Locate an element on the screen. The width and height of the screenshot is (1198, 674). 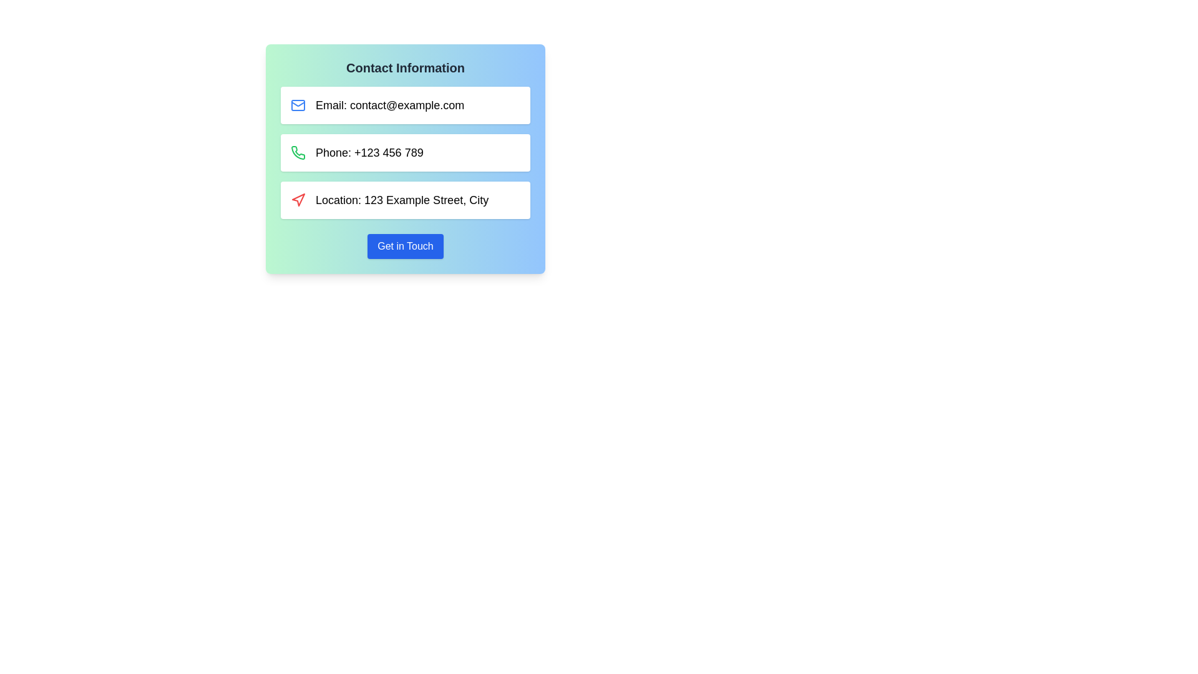
the modern blue envelope icon located to the left of the email address text 'Email: contact@example.com' in the contact information card is located at coordinates (298, 105).